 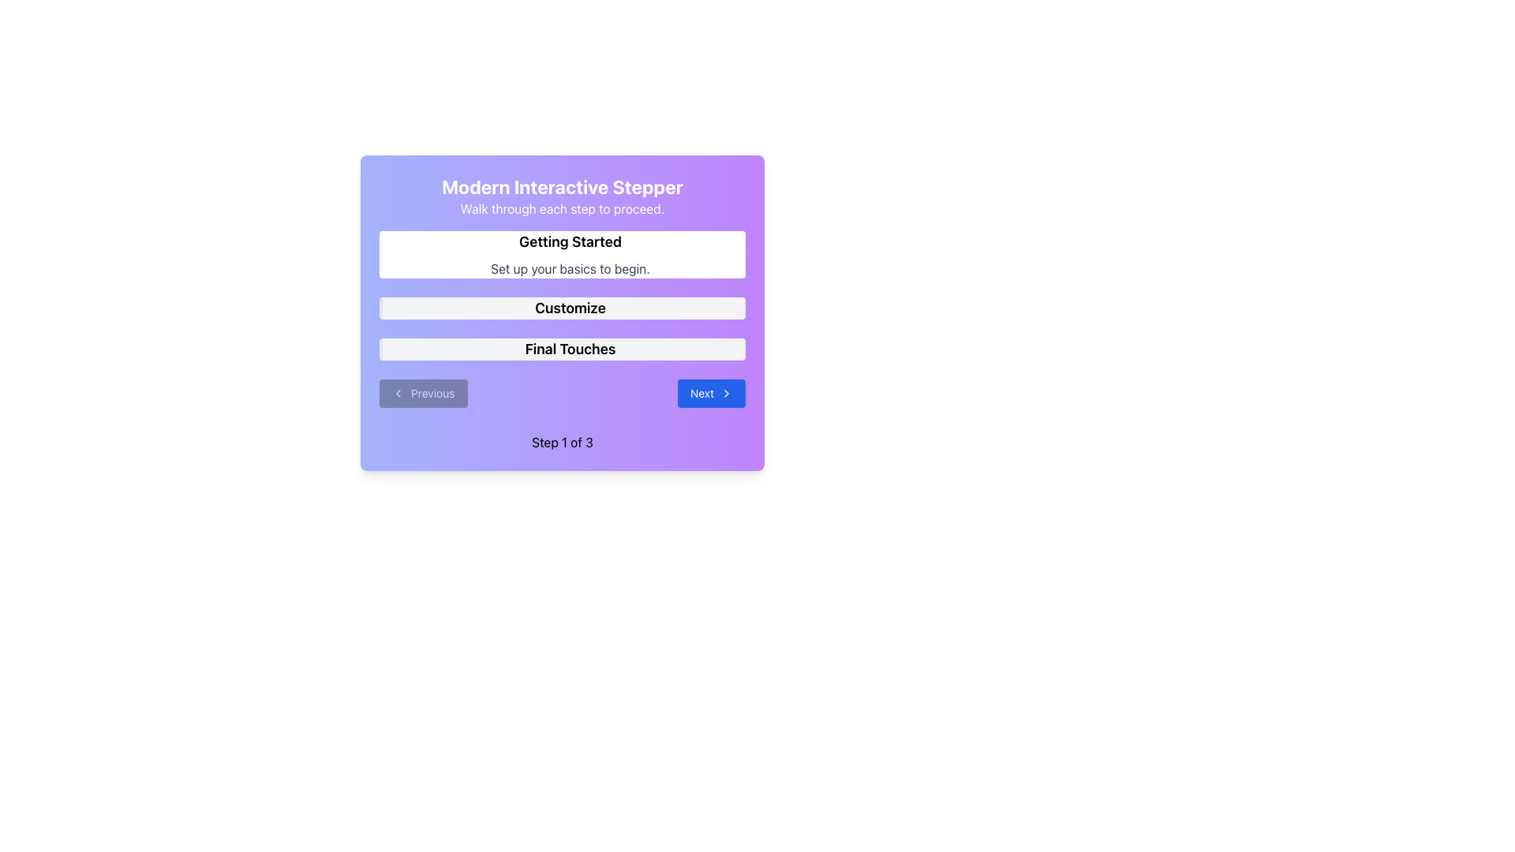 What do you see at coordinates (570, 267) in the screenshot?
I see `the Text Label that contains the text 'Set up your basics to begin.' positioned below the 'Getting Started' header` at bounding box center [570, 267].